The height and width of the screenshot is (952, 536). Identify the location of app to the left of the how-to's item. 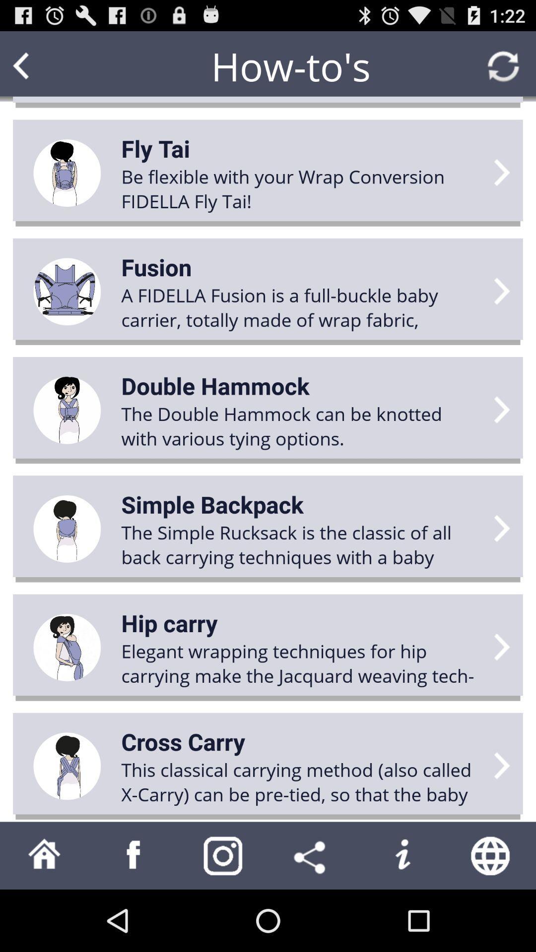
(40, 65).